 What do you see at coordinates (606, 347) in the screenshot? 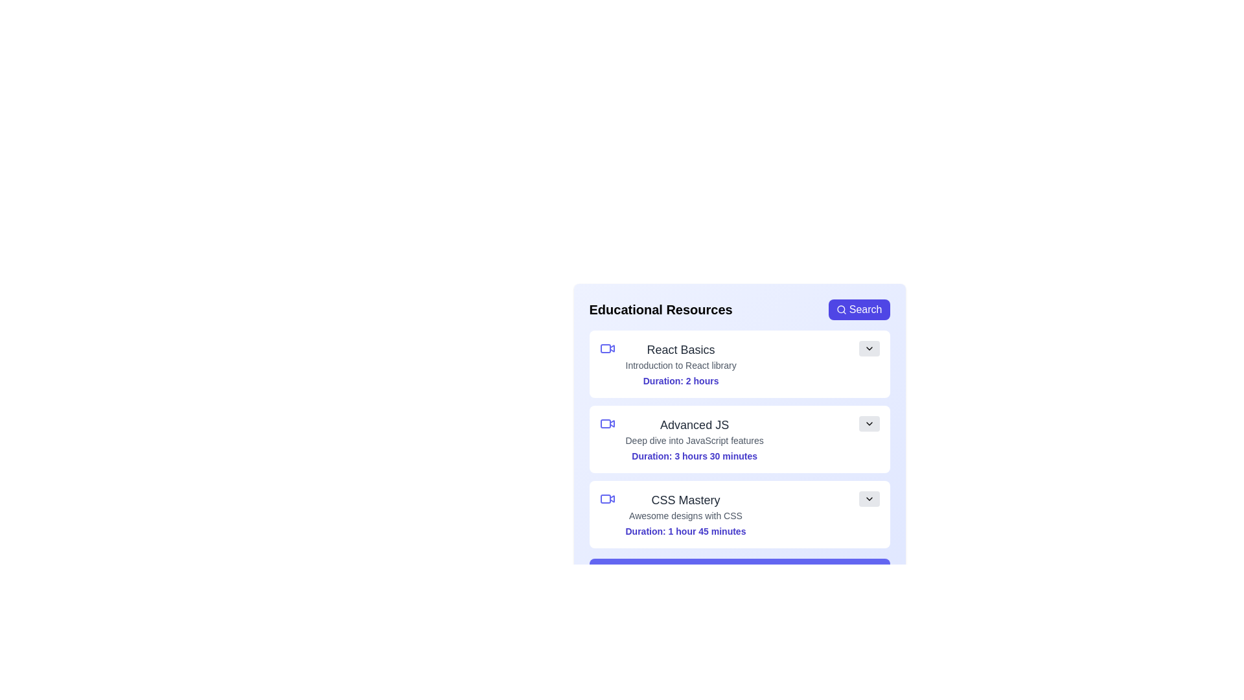
I see `the video icon of the resource titled React Basics` at bounding box center [606, 347].